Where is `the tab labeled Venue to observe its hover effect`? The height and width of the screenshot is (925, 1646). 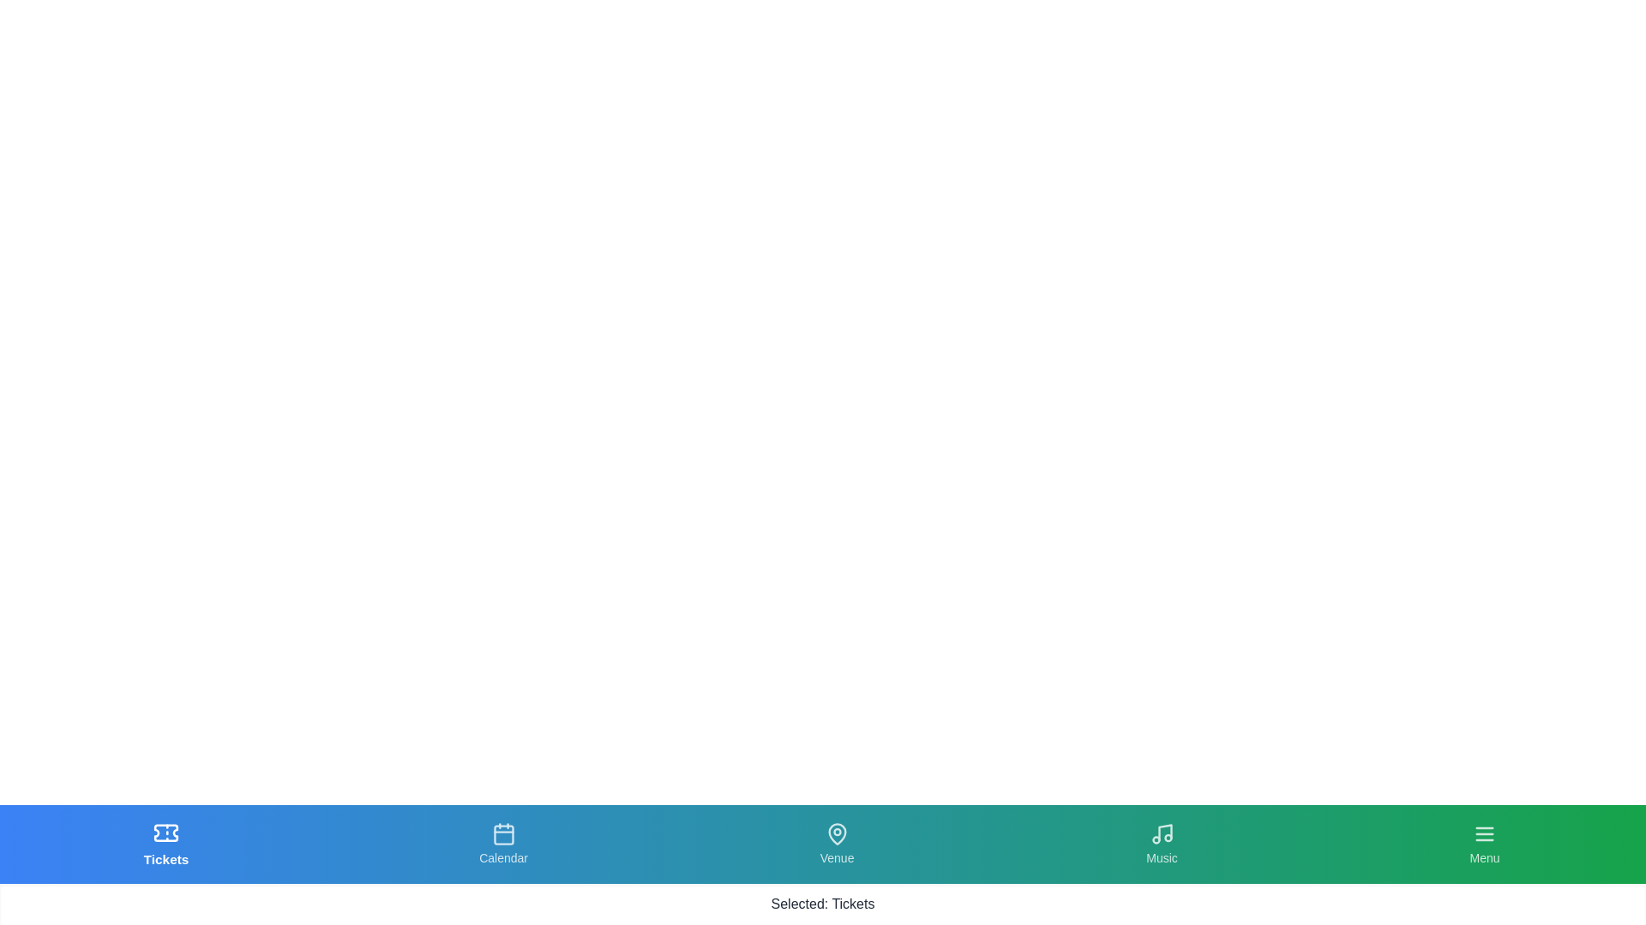
the tab labeled Venue to observe its hover effect is located at coordinates (837, 844).